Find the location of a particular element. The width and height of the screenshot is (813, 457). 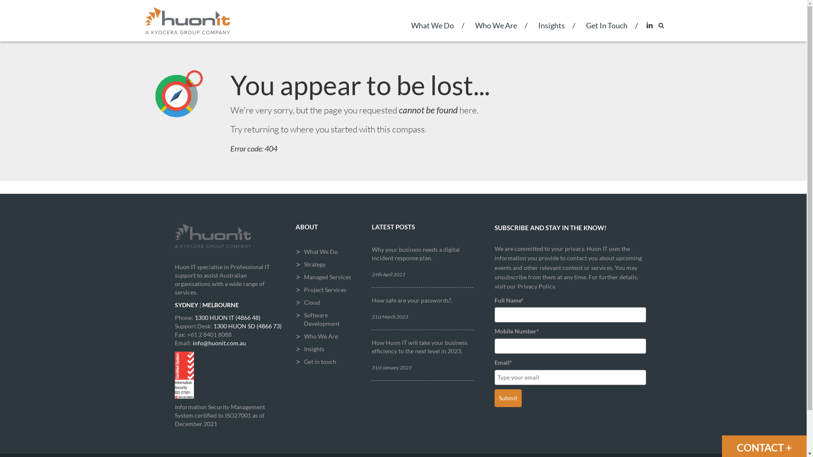

'Get In Touch' is located at coordinates (606, 30).